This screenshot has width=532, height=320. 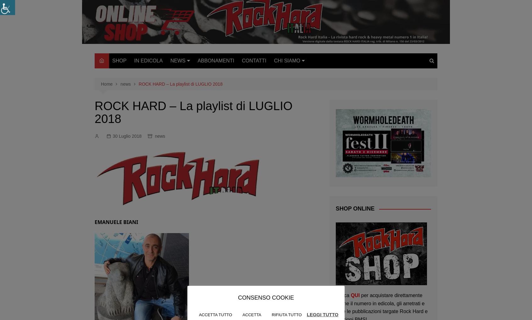 I want to click on 'IN EDICOLA', so click(x=148, y=60).